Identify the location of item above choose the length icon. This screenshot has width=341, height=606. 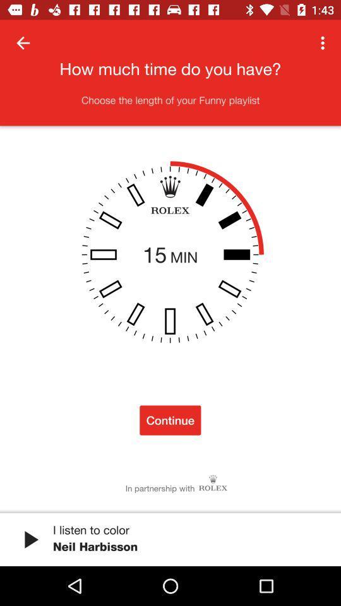
(23, 43).